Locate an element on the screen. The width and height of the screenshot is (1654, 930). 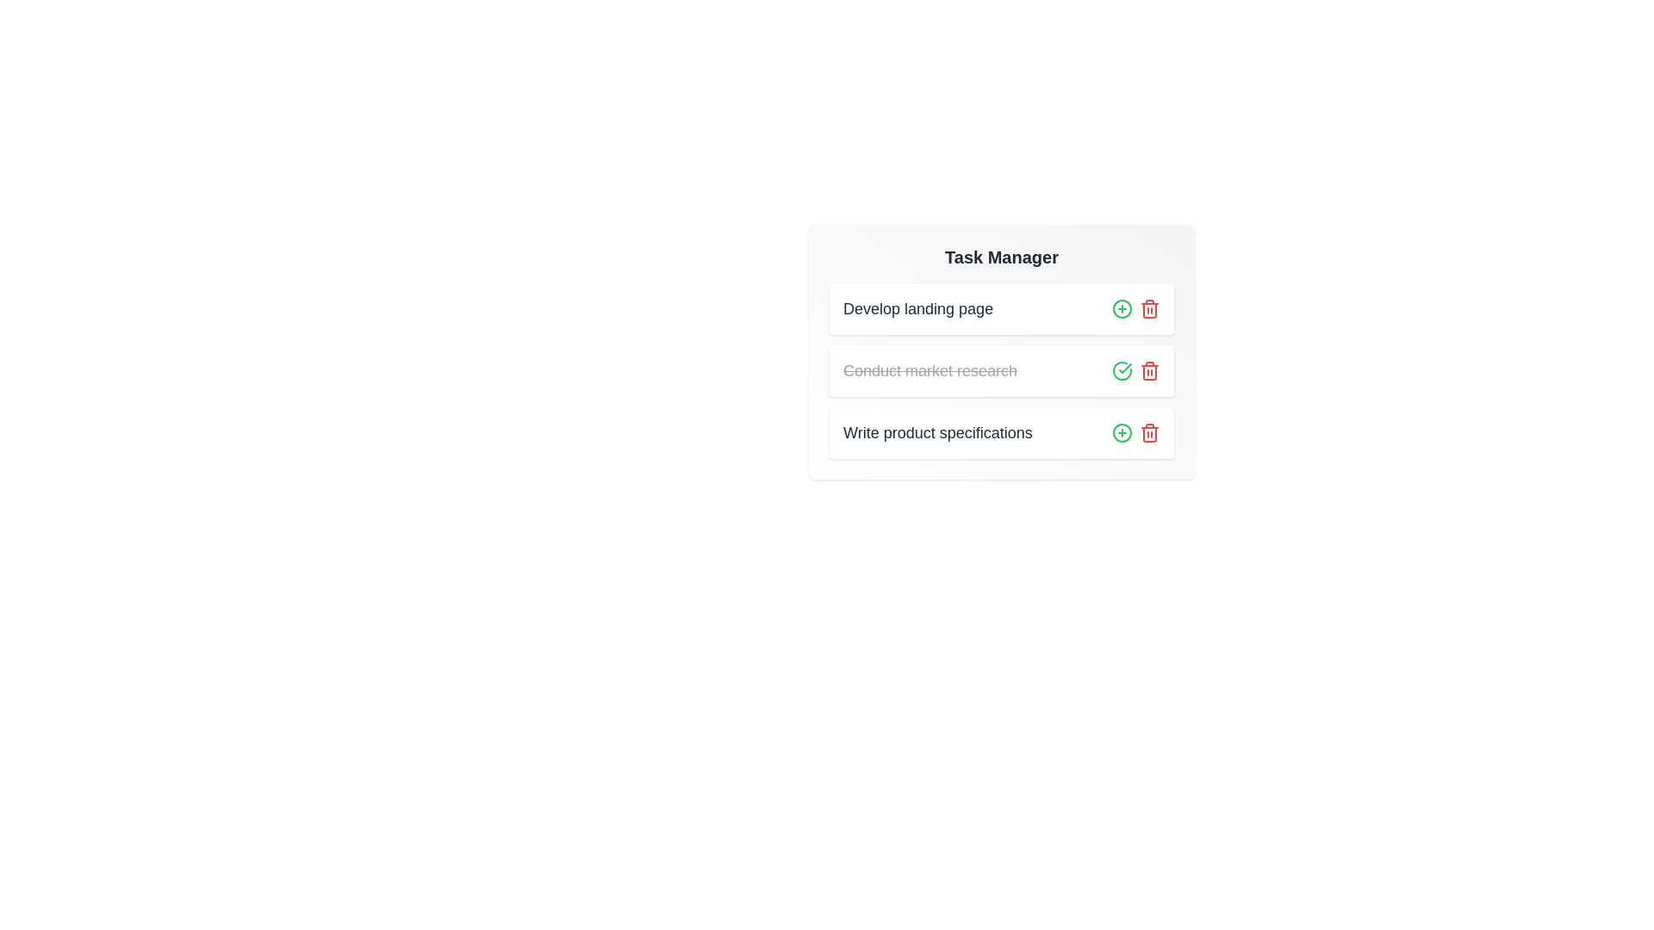
the trash icon corresponding to the task 'Develop landing page' to delete it is located at coordinates (1149, 307).